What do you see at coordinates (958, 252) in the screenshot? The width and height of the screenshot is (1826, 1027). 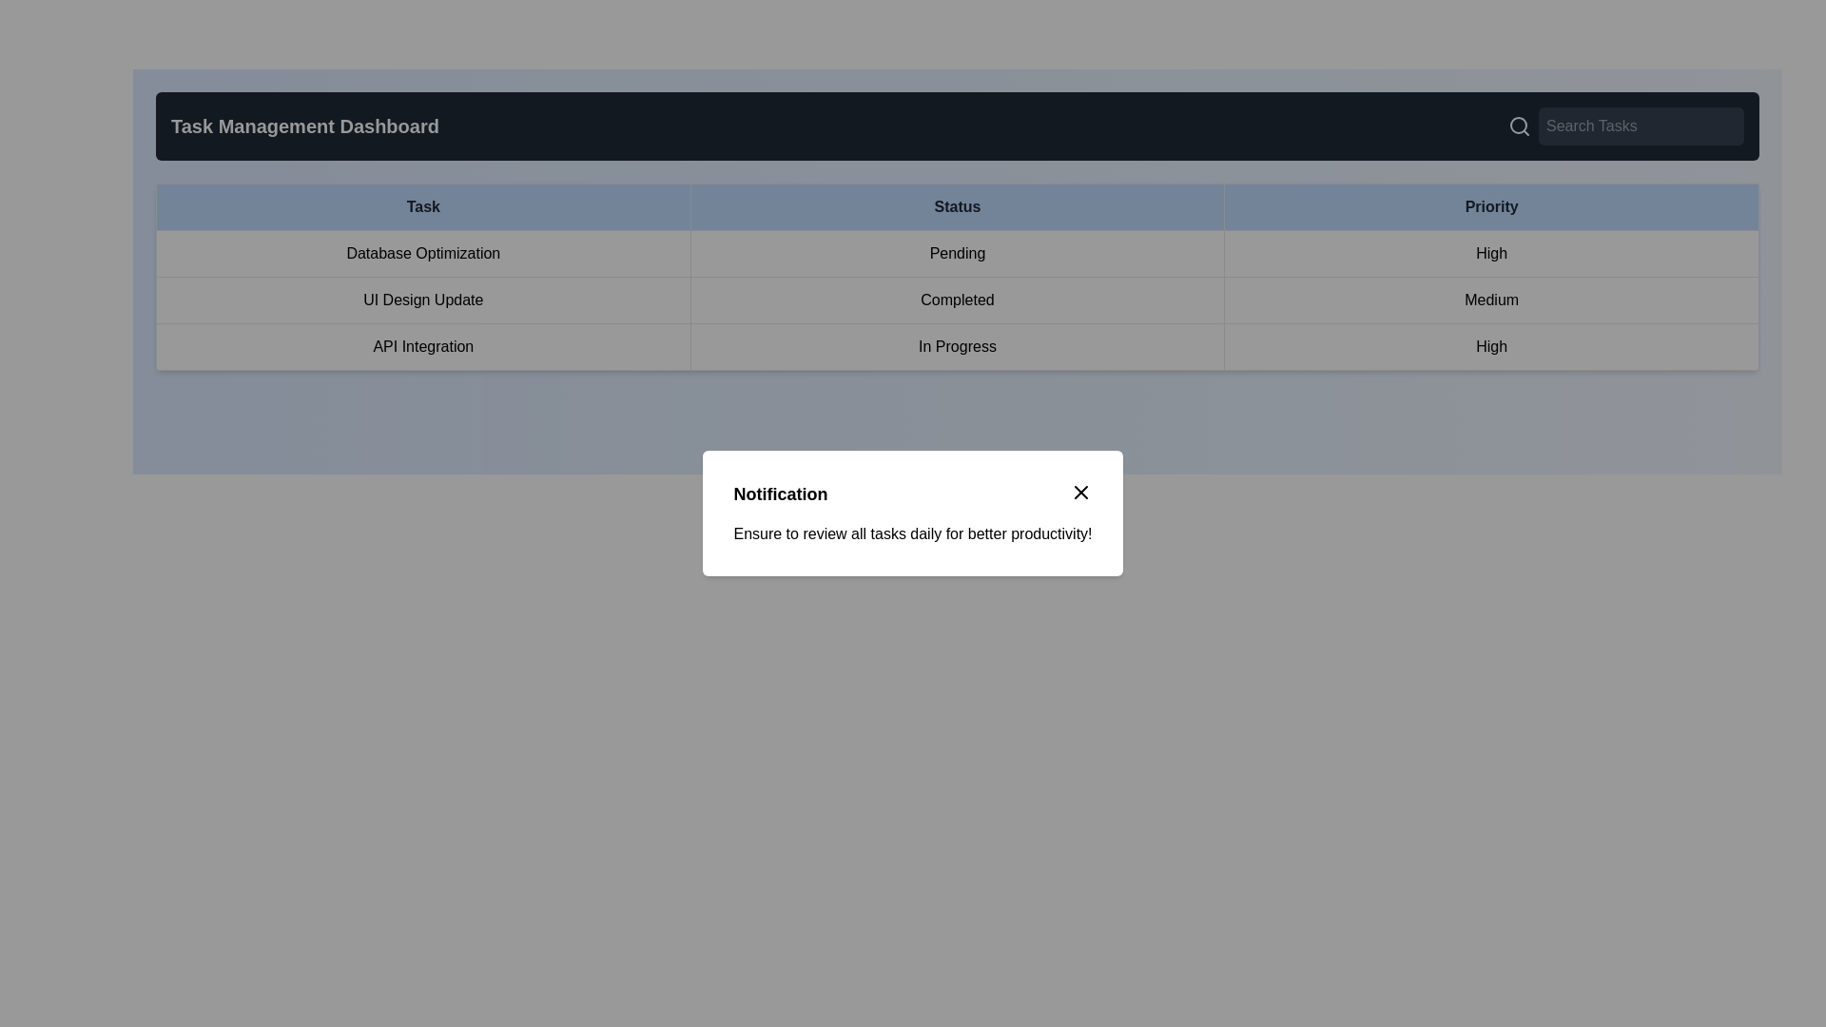 I see `the non-interactive text label indicating the status of the task 'Database Optimization' in the Task Management Dashboard interface` at bounding box center [958, 252].